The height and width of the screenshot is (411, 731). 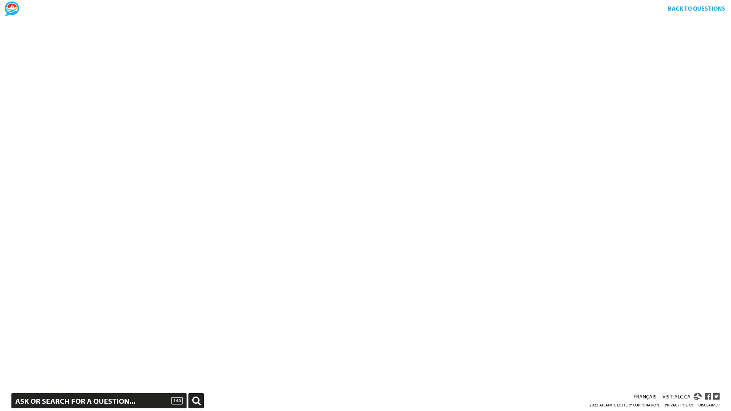 What do you see at coordinates (662, 397) in the screenshot?
I see `'VISIT ALC.CA'` at bounding box center [662, 397].